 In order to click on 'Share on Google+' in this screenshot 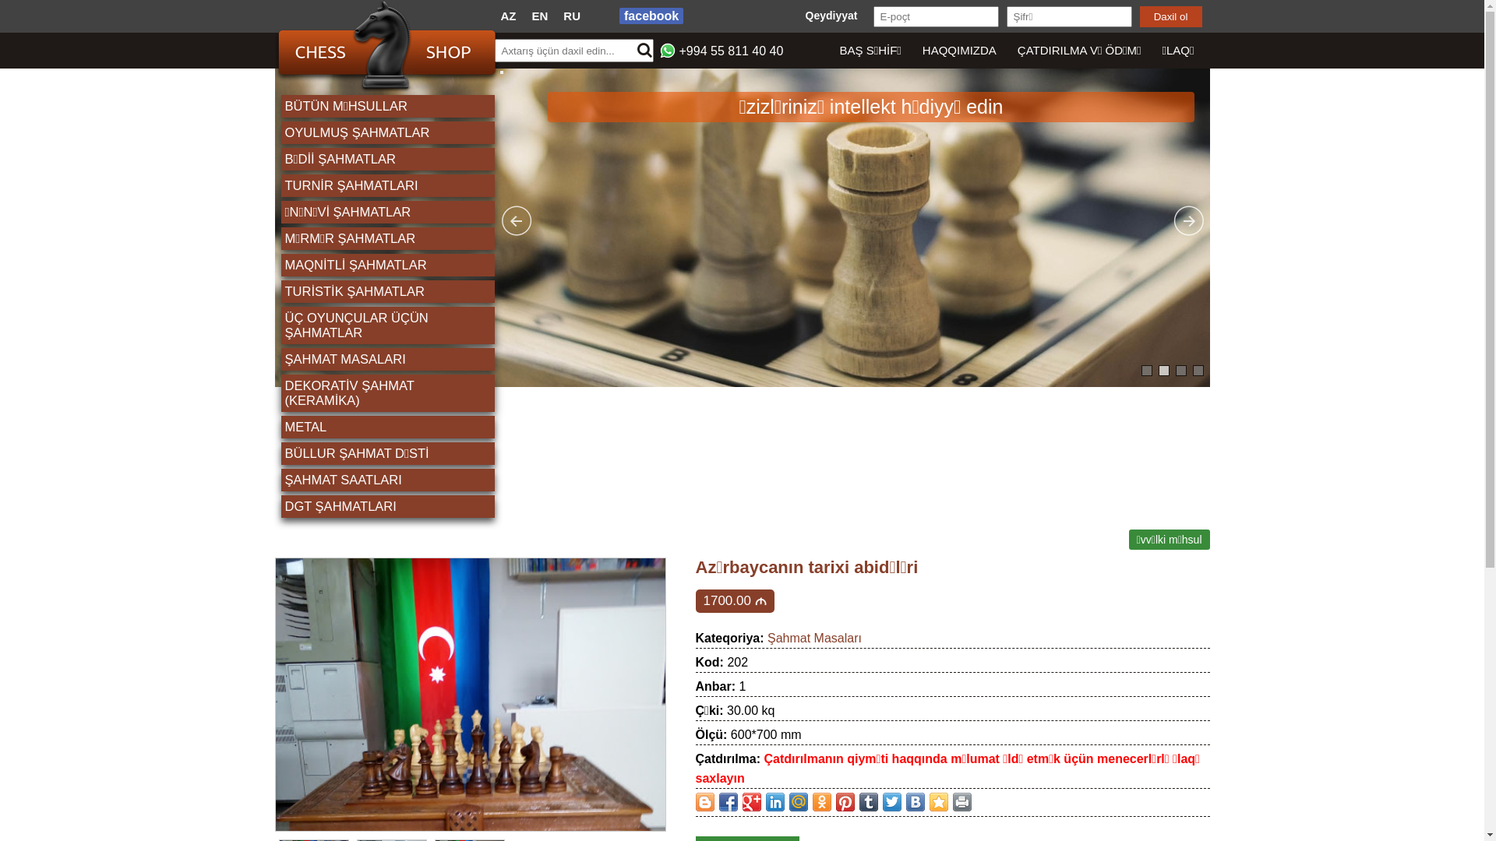, I will do `click(751, 801)`.